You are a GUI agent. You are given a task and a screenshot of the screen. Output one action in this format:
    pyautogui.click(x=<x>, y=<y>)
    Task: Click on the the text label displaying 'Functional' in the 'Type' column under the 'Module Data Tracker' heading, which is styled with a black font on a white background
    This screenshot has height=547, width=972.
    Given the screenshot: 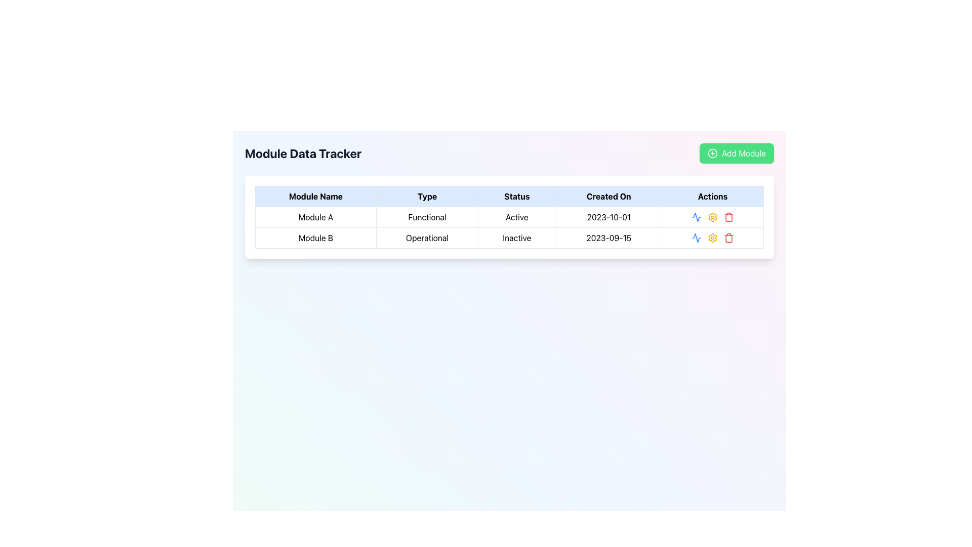 What is the action you would take?
    pyautogui.click(x=427, y=216)
    